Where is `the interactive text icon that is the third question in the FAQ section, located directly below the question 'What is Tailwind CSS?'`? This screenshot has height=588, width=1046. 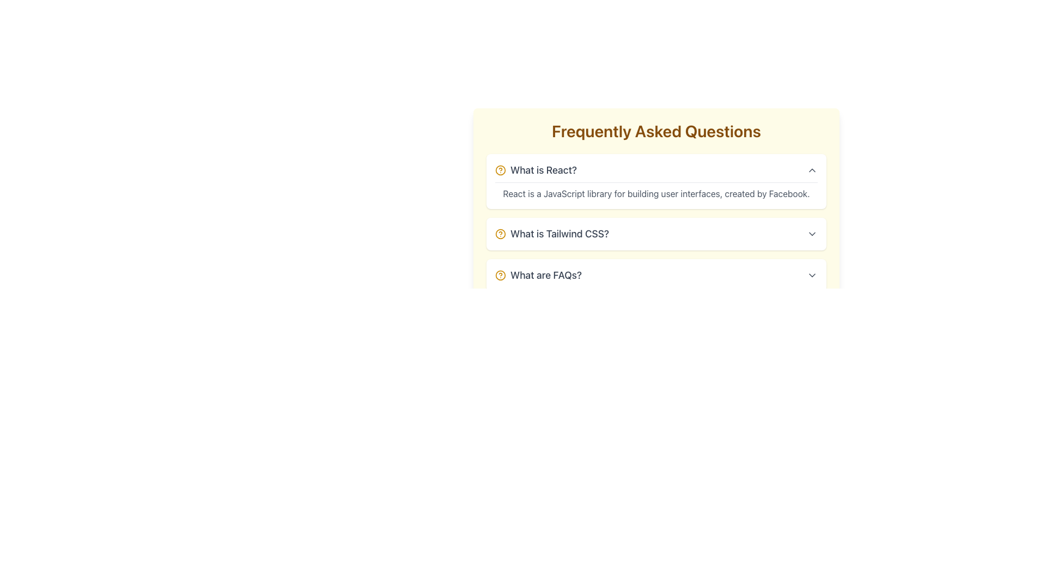
the interactive text icon that is the third question in the FAQ section, located directly below the question 'What is Tailwind CSS?' is located at coordinates (538, 274).